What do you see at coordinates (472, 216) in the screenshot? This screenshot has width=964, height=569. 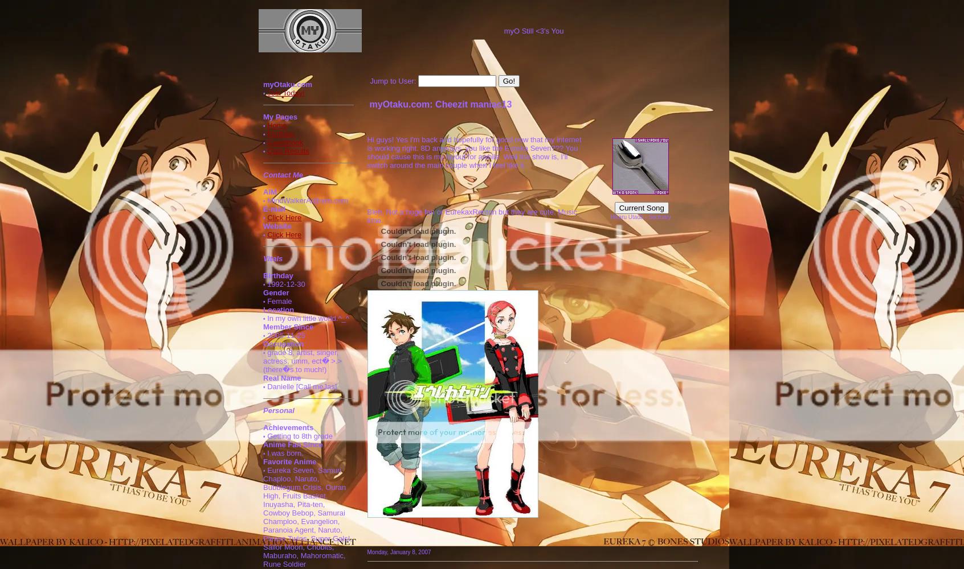 I see `'Bleh. Not a huge fan or EurekaxRenton but they are cute. Music time.'` at bounding box center [472, 216].